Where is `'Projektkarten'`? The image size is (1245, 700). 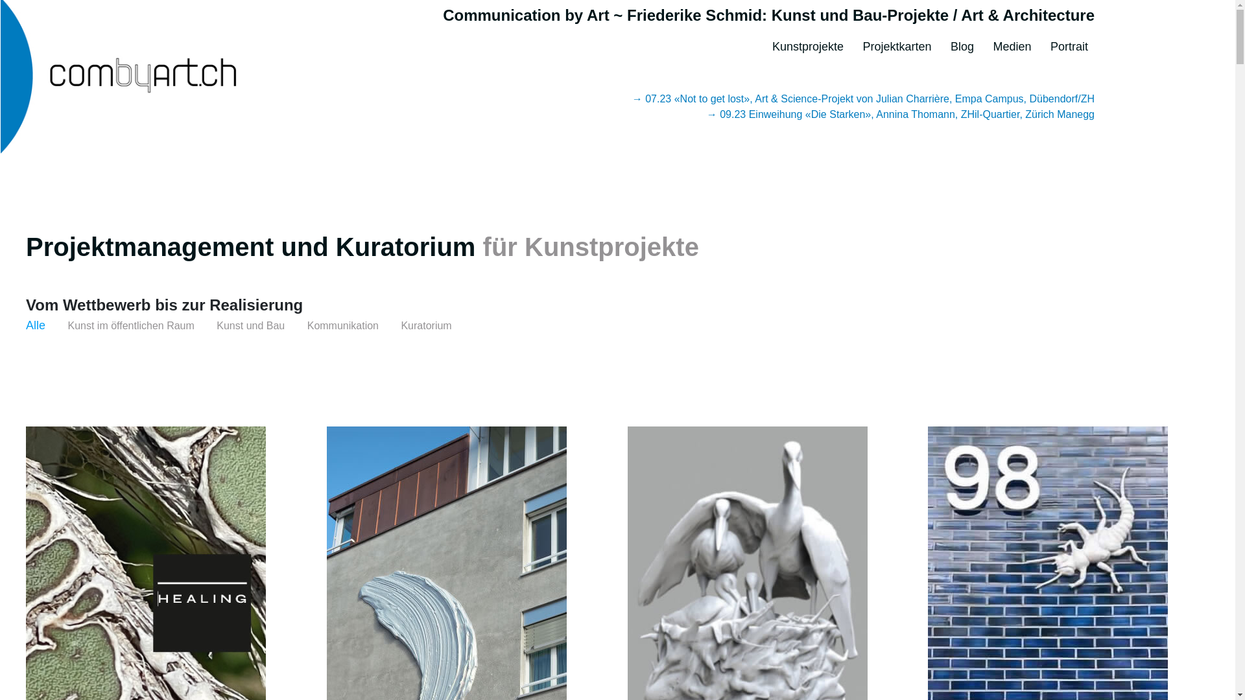
'Projektkarten' is located at coordinates (895, 41).